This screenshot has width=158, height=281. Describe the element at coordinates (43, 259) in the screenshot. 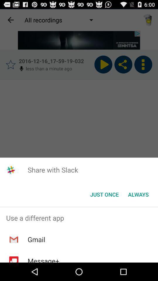

I see `message+` at that location.